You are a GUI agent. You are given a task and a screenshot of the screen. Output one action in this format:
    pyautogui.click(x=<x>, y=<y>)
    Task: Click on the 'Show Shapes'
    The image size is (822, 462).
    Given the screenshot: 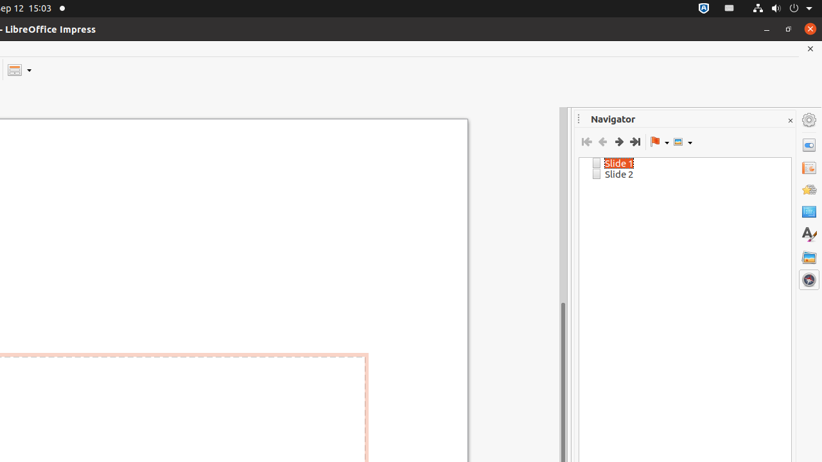 What is the action you would take?
    pyautogui.click(x=682, y=142)
    